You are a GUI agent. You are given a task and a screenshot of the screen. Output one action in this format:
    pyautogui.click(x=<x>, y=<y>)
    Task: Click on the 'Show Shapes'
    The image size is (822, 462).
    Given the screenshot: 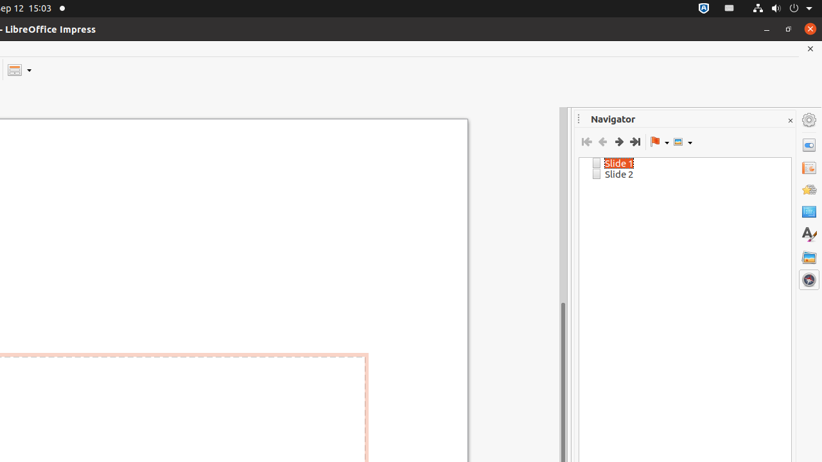 What is the action you would take?
    pyautogui.click(x=682, y=142)
    